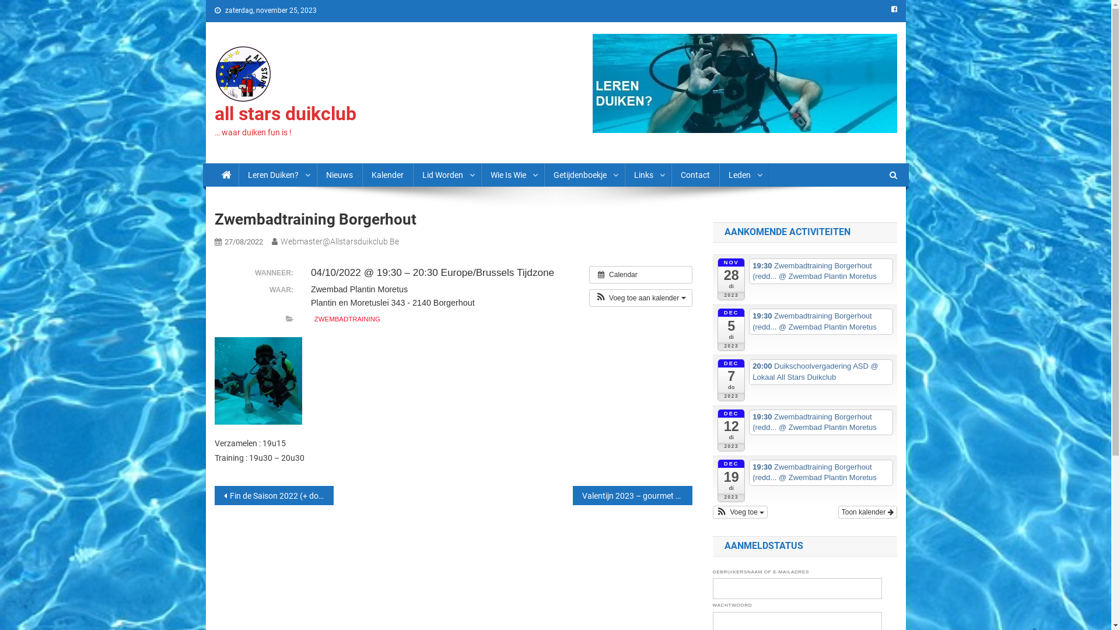  I want to click on 'Webmaster@Allstarsduikclub.Be', so click(338, 240).